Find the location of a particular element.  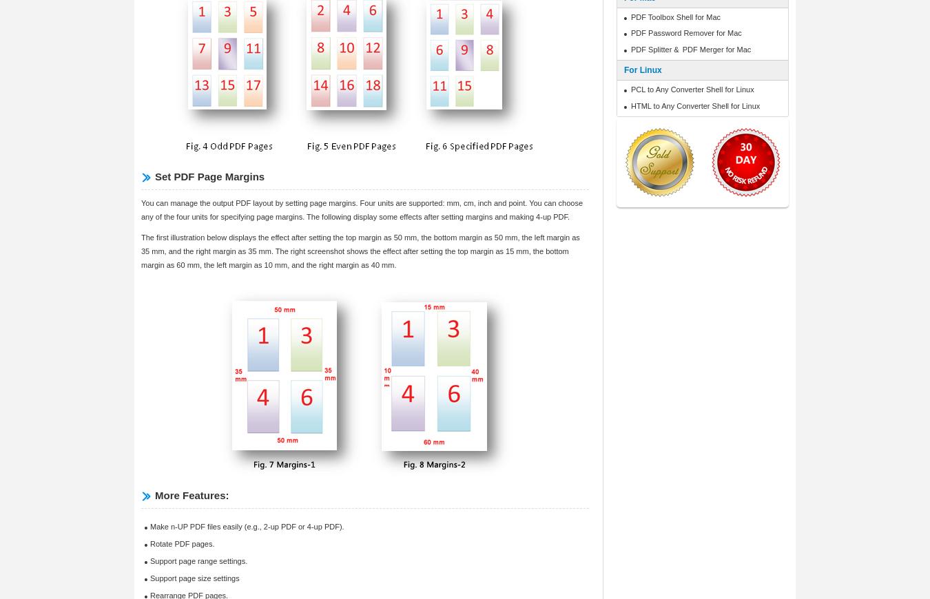

'You can manage the output PDF layout by  setting page margins. Four units are supported: mm, cm, inch and point. You can  choose any of the four units for specifying page margins. The following display  some effects after setting margins and making 4-up PDF.' is located at coordinates (361, 210).